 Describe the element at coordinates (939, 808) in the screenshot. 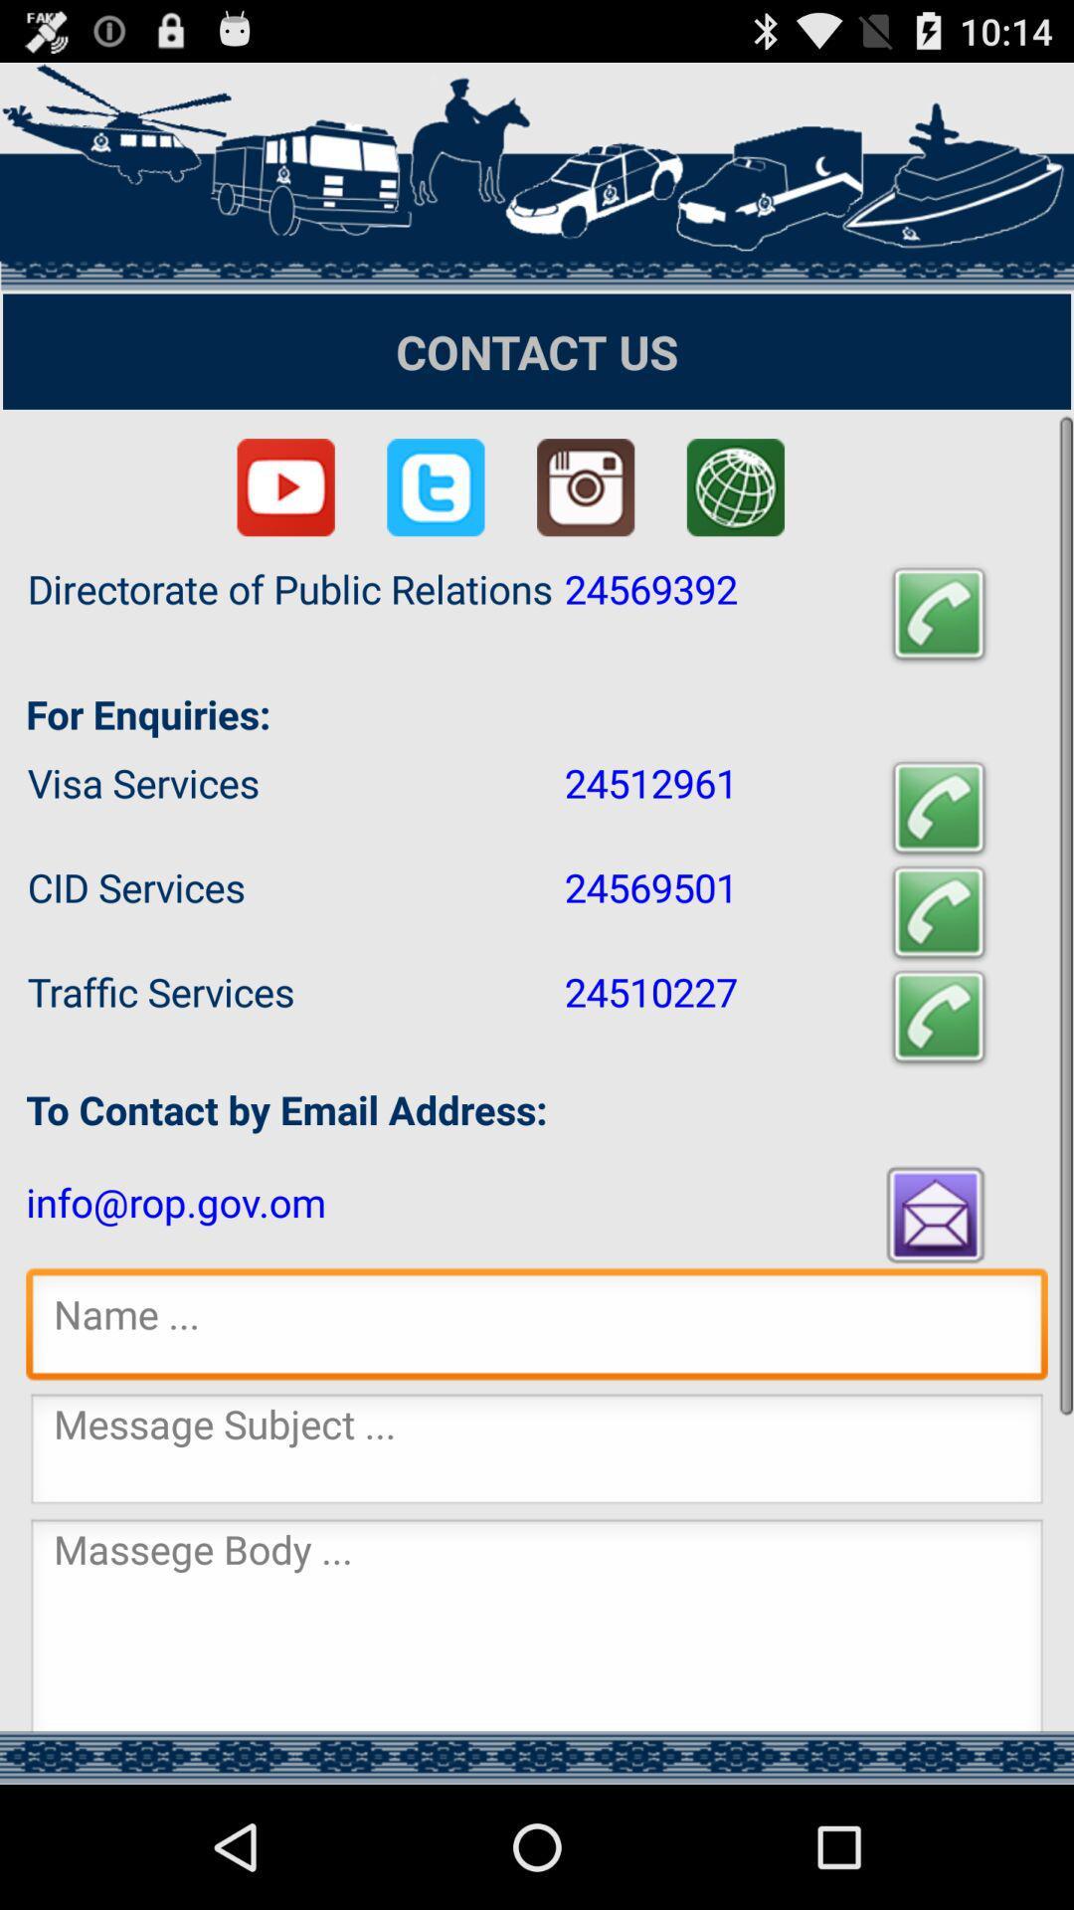

I see `call visa services` at that location.